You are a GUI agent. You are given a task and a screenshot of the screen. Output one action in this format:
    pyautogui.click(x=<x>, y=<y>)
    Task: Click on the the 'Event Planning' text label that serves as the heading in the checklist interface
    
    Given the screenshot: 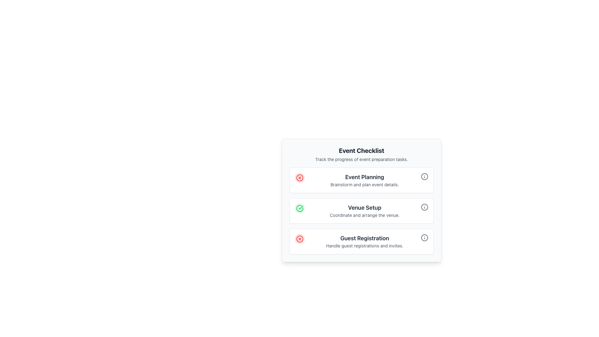 What is the action you would take?
    pyautogui.click(x=365, y=177)
    